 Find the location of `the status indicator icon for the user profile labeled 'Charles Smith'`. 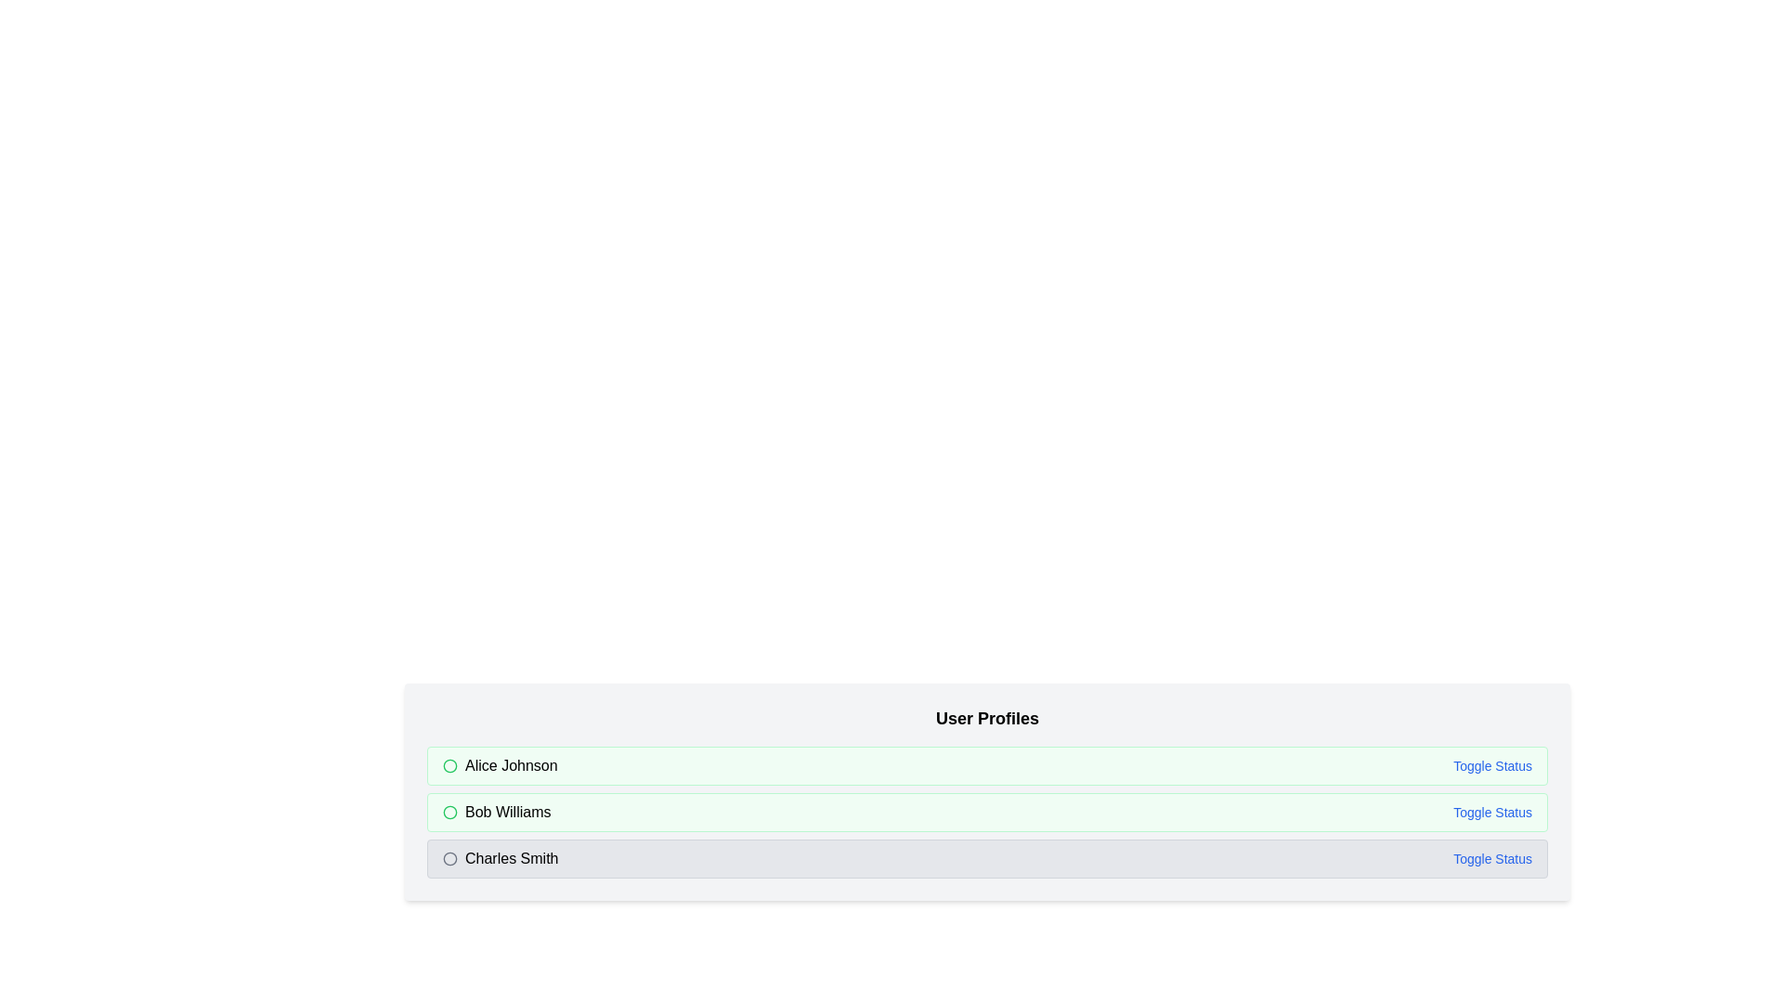

the status indicator icon for the user profile labeled 'Charles Smith' is located at coordinates (449, 859).